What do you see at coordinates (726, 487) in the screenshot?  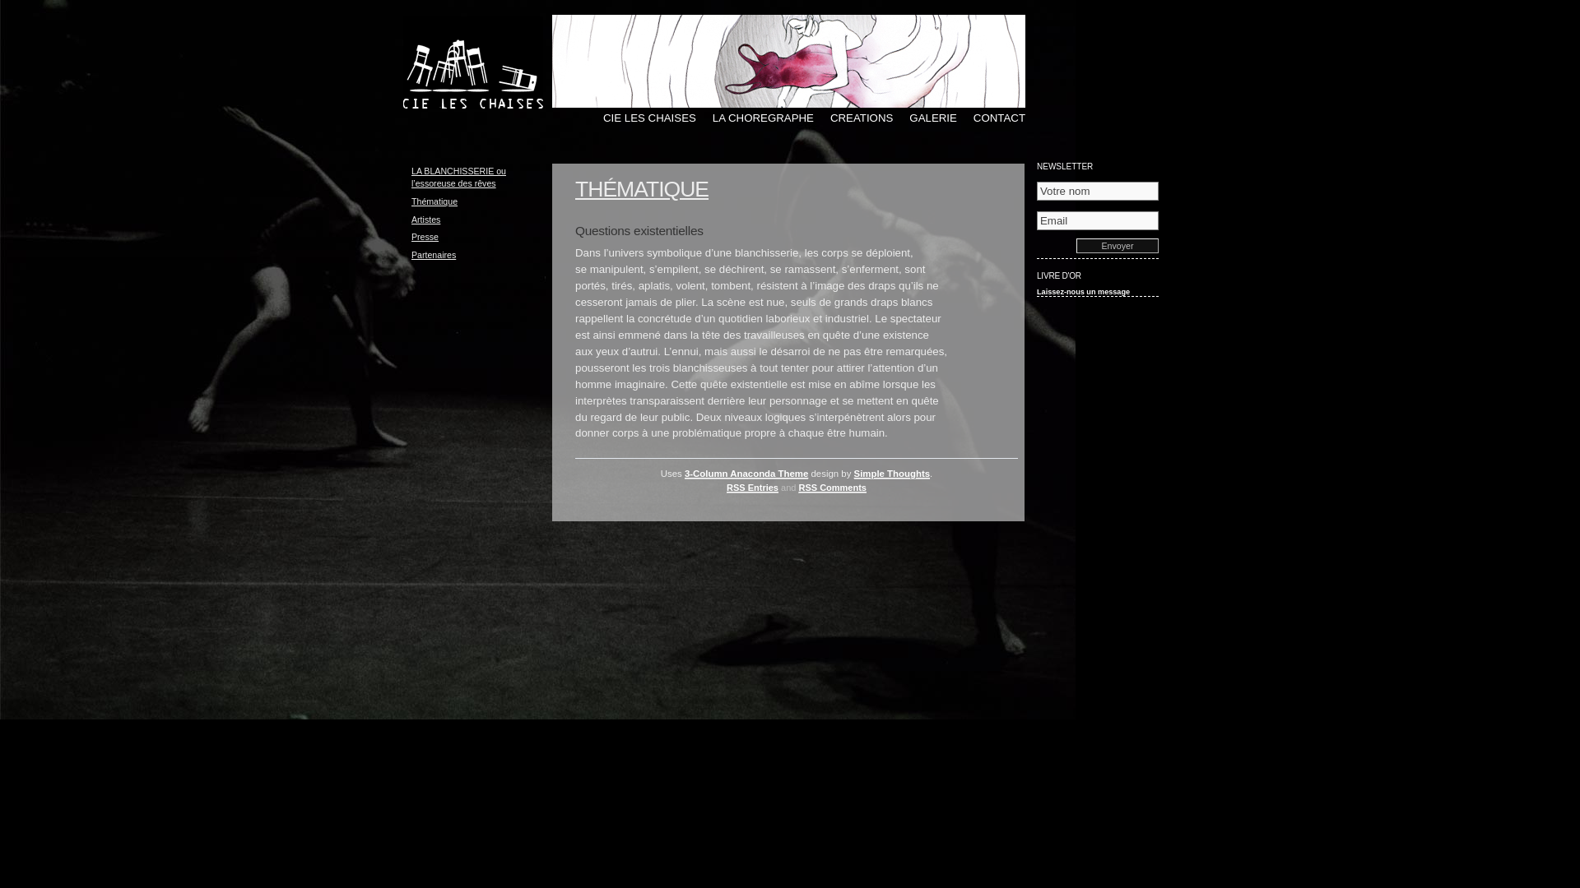 I see `'RSS Entries'` at bounding box center [726, 487].